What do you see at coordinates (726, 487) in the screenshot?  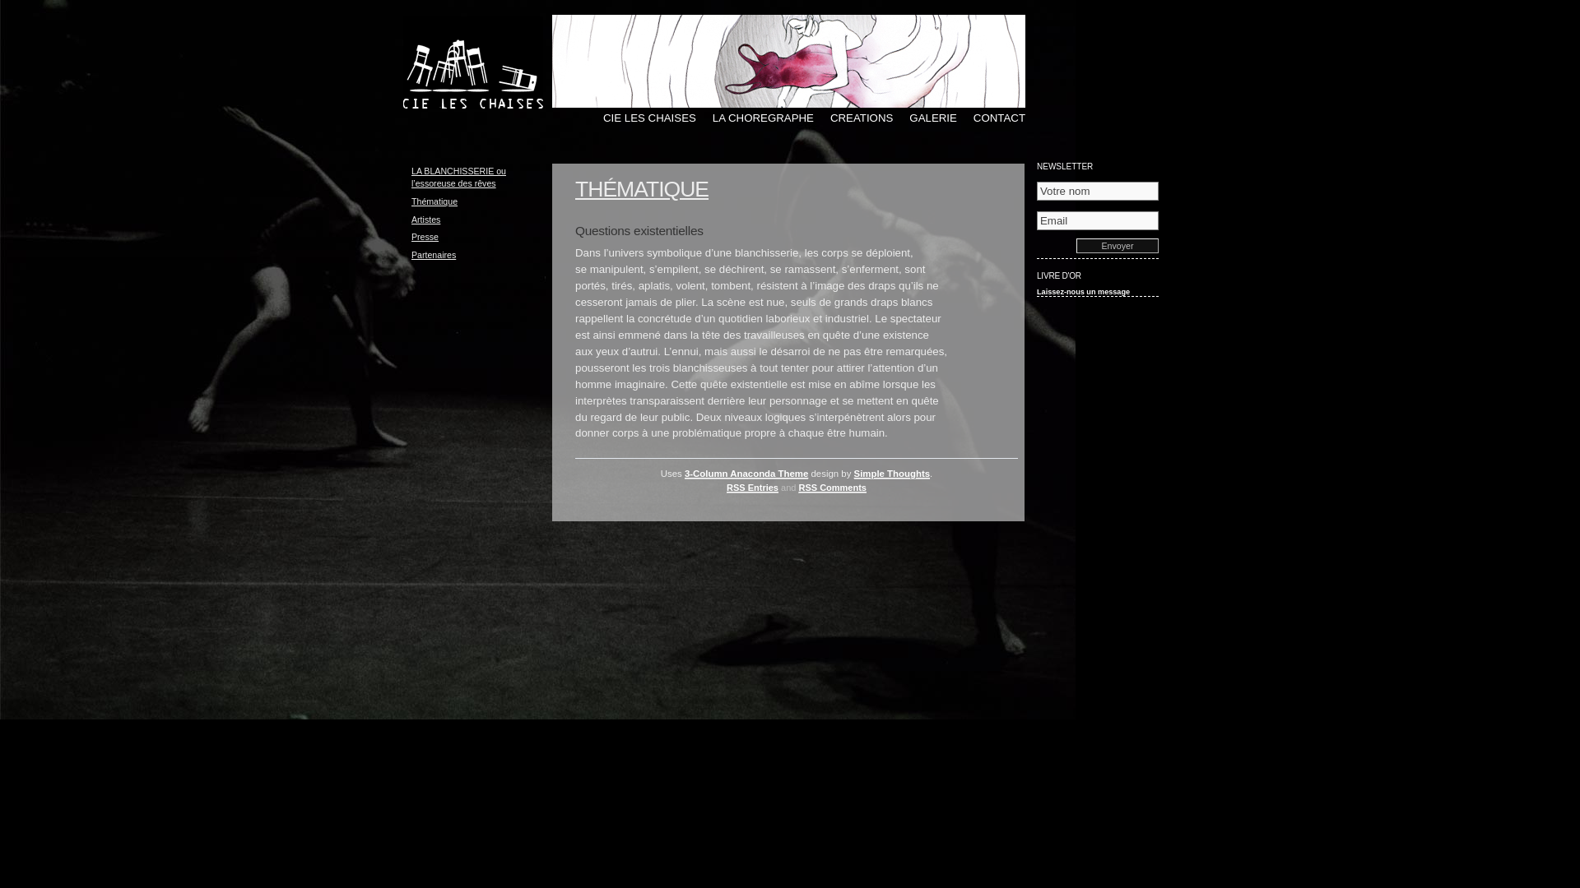 I see `'RSS Entries'` at bounding box center [726, 487].